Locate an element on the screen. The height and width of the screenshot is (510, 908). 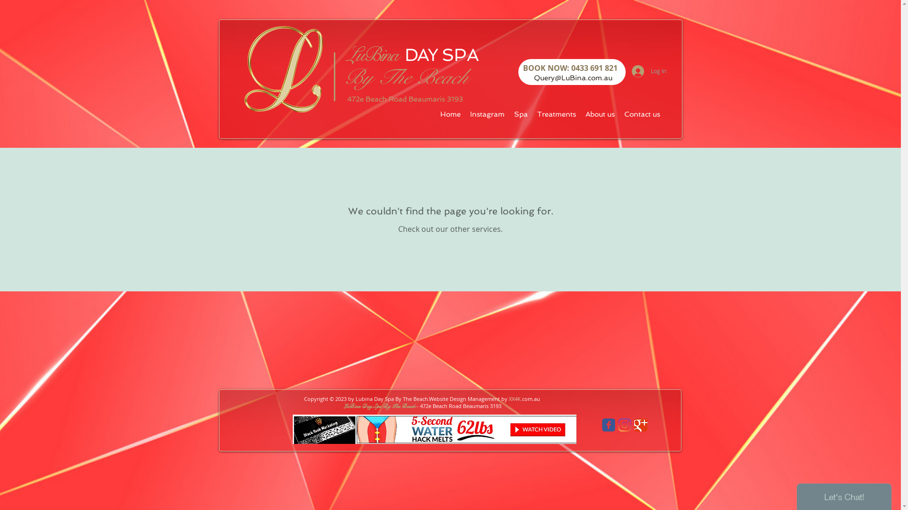
'Treatments' is located at coordinates (556, 114).